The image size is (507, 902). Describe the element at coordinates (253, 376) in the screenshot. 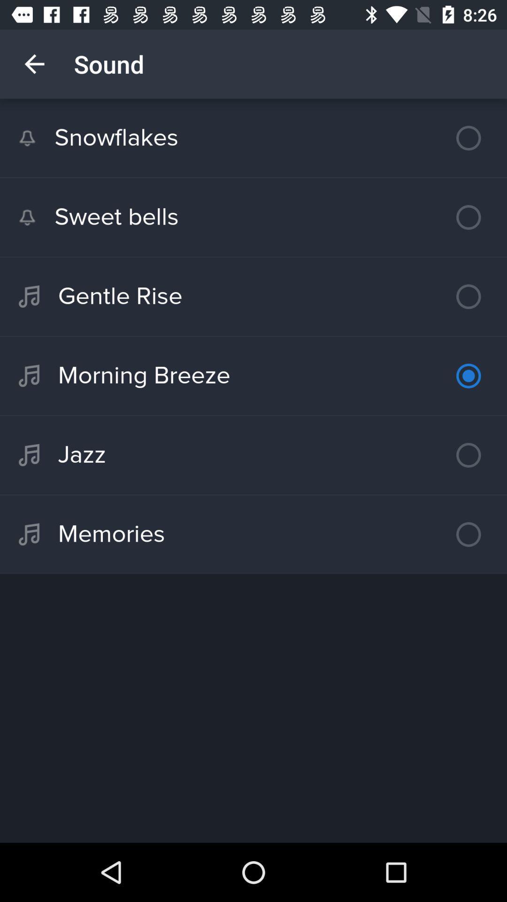

I see `icon below gentle rise item` at that location.